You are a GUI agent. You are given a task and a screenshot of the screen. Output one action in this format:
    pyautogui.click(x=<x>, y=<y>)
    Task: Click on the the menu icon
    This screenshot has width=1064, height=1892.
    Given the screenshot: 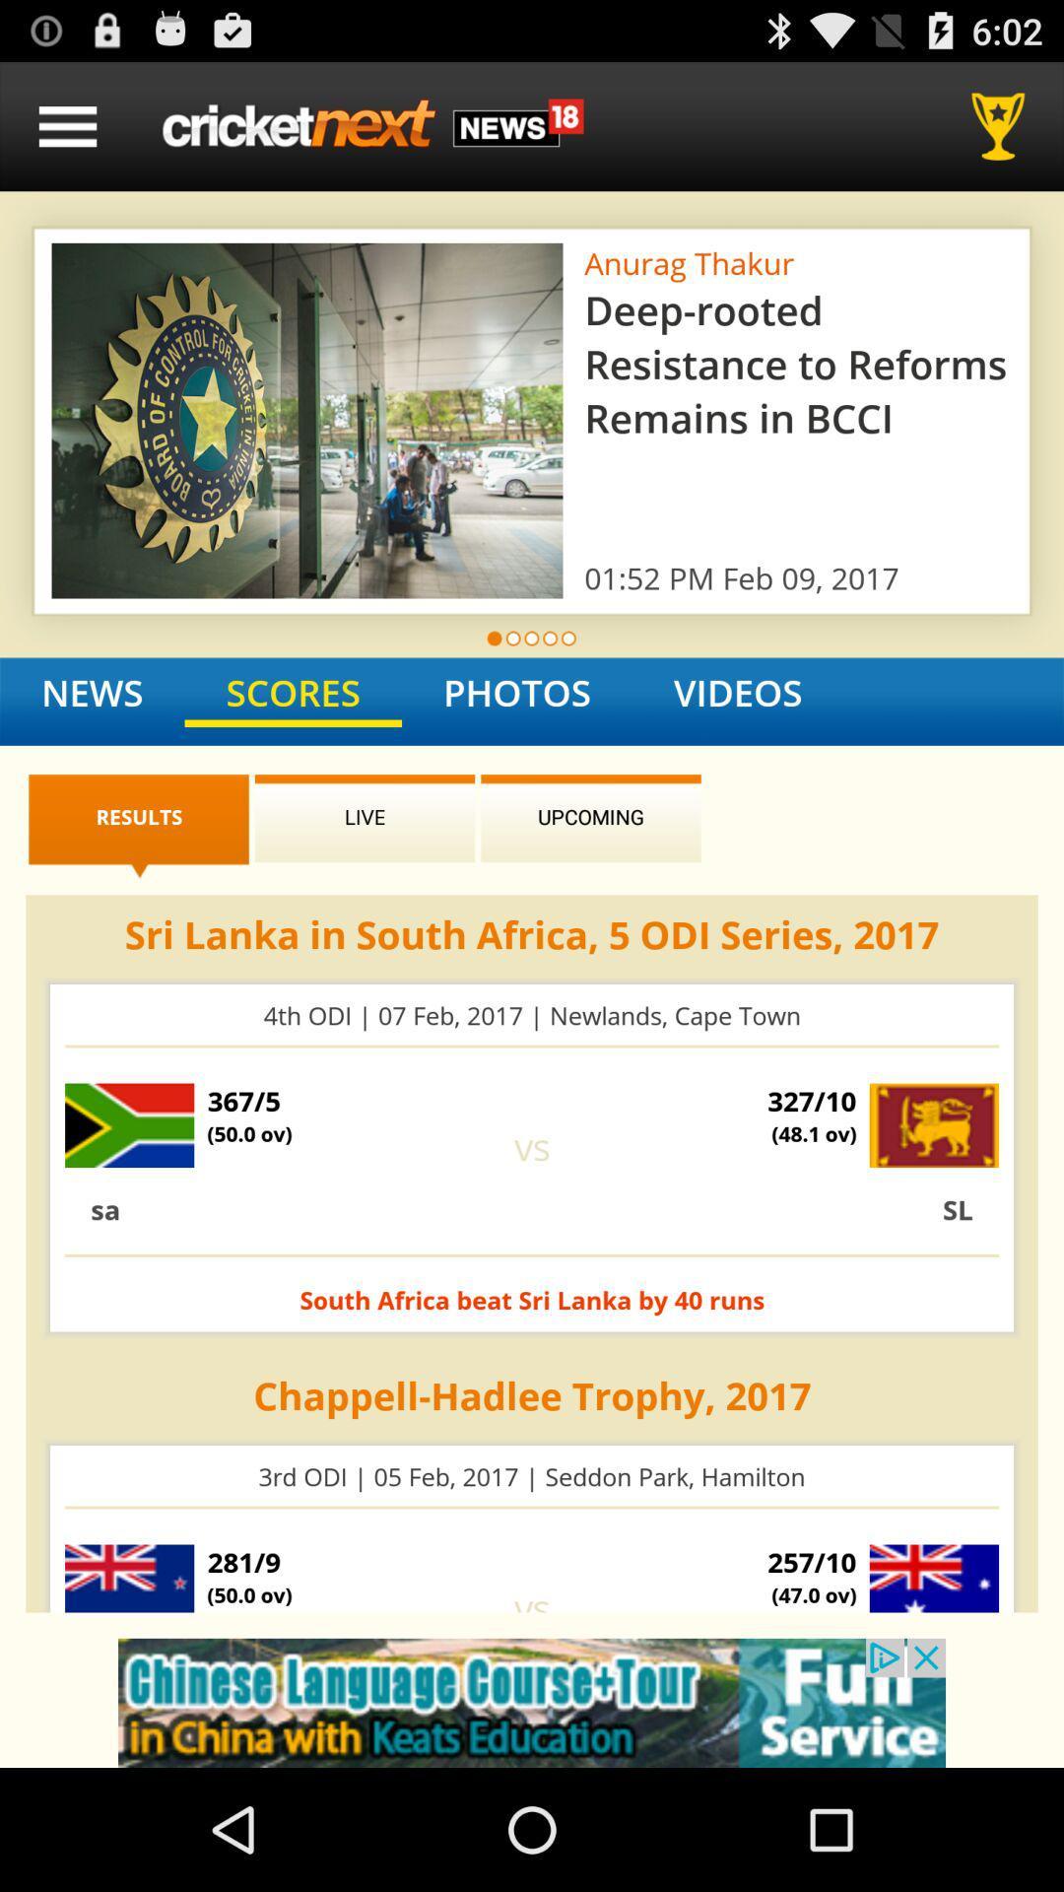 What is the action you would take?
    pyautogui.click(x=67, y=134)
    